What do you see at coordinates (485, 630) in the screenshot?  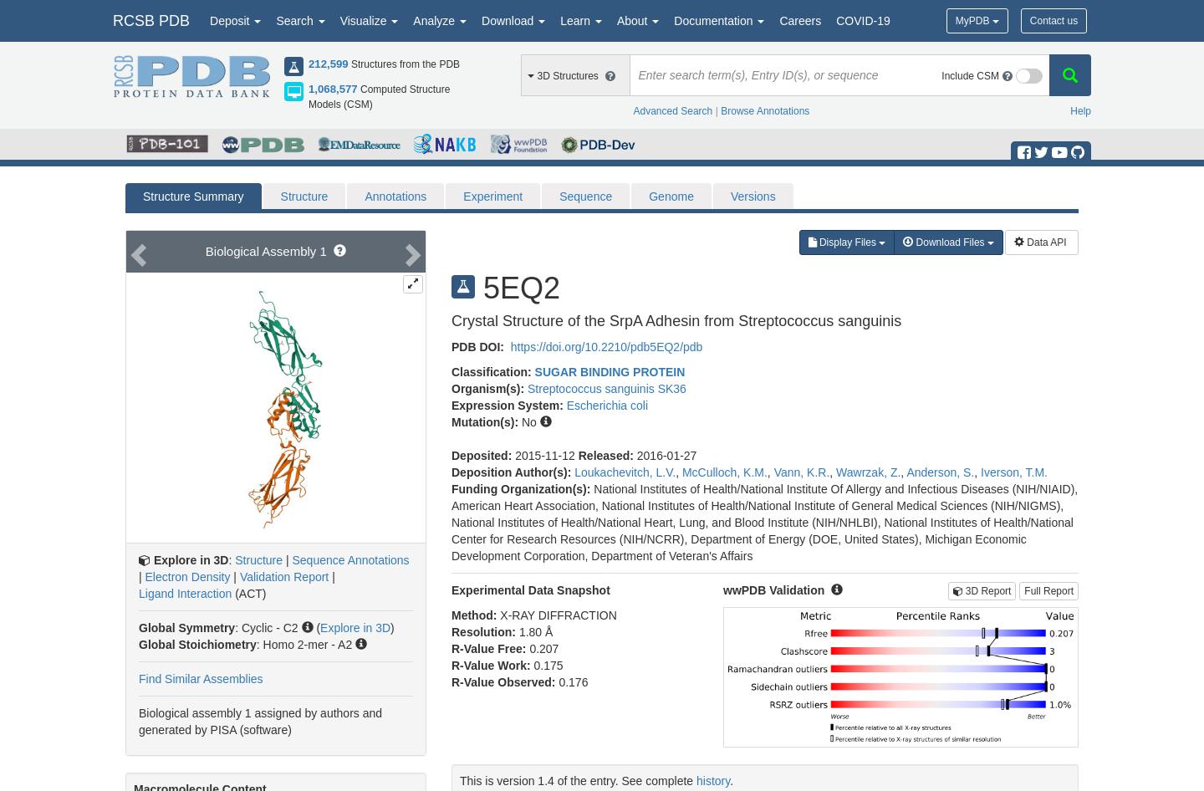 I see `'Resolution:'` at bounding box center [485, 630].